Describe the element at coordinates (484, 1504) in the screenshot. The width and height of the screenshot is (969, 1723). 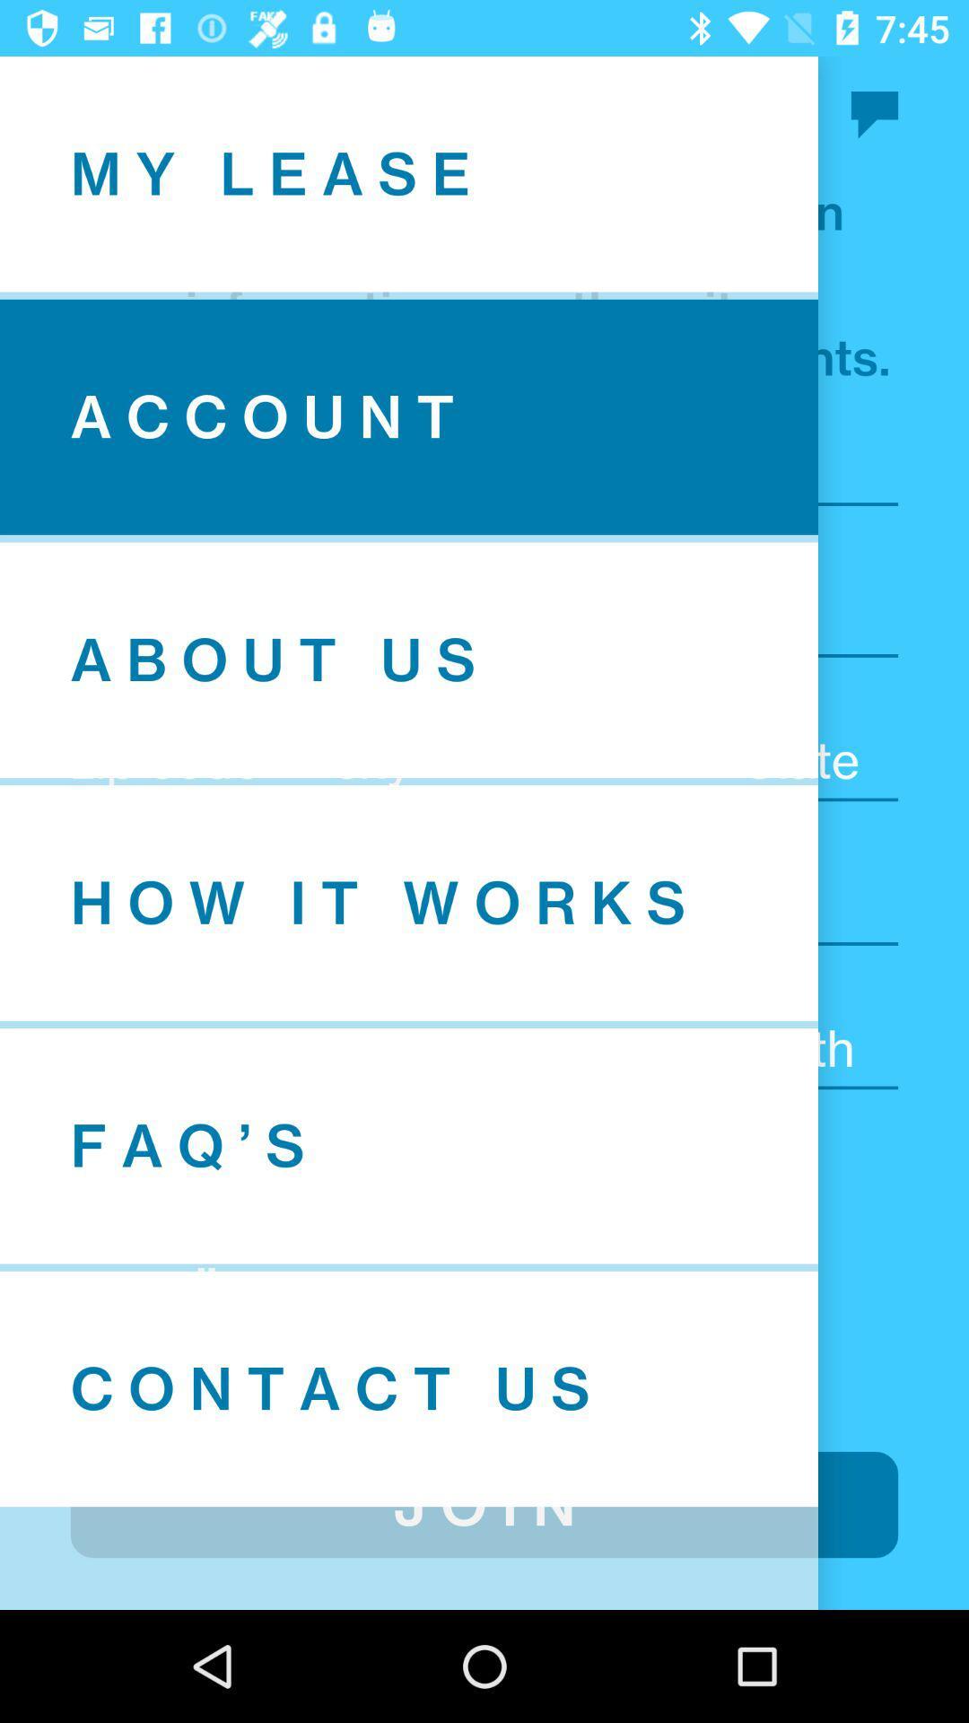
I see `the join button` at that location.